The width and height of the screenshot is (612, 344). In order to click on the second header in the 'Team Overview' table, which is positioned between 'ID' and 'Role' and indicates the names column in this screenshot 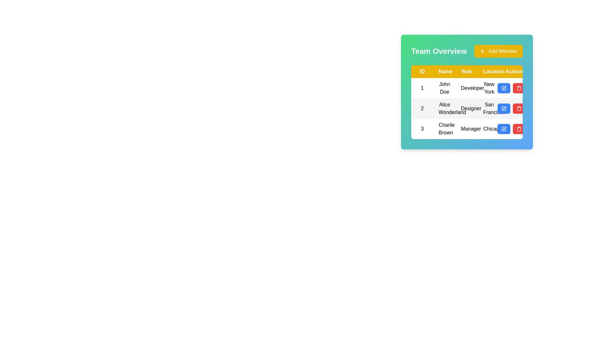, I will do `click(444, 71)`.